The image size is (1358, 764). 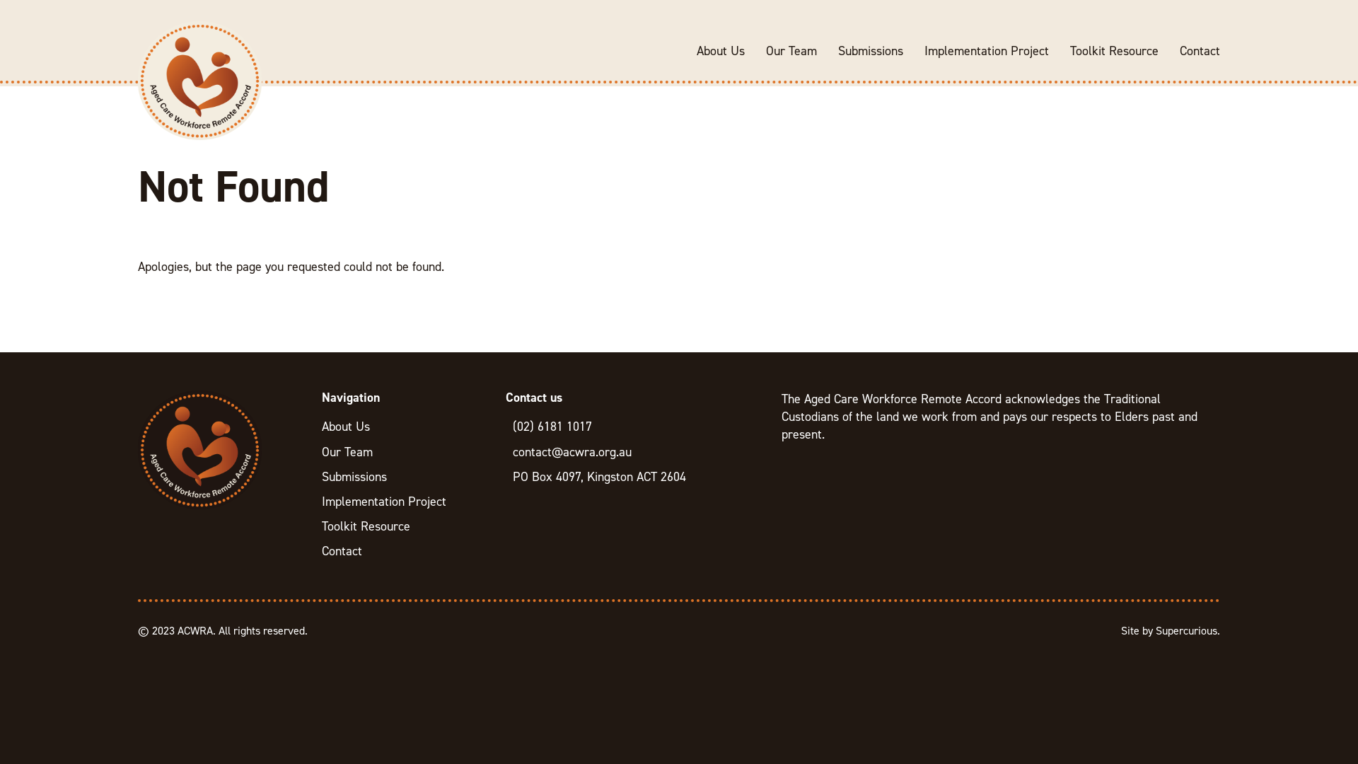 I want to click on 'Implementation Project', so click(x=986, y=50).